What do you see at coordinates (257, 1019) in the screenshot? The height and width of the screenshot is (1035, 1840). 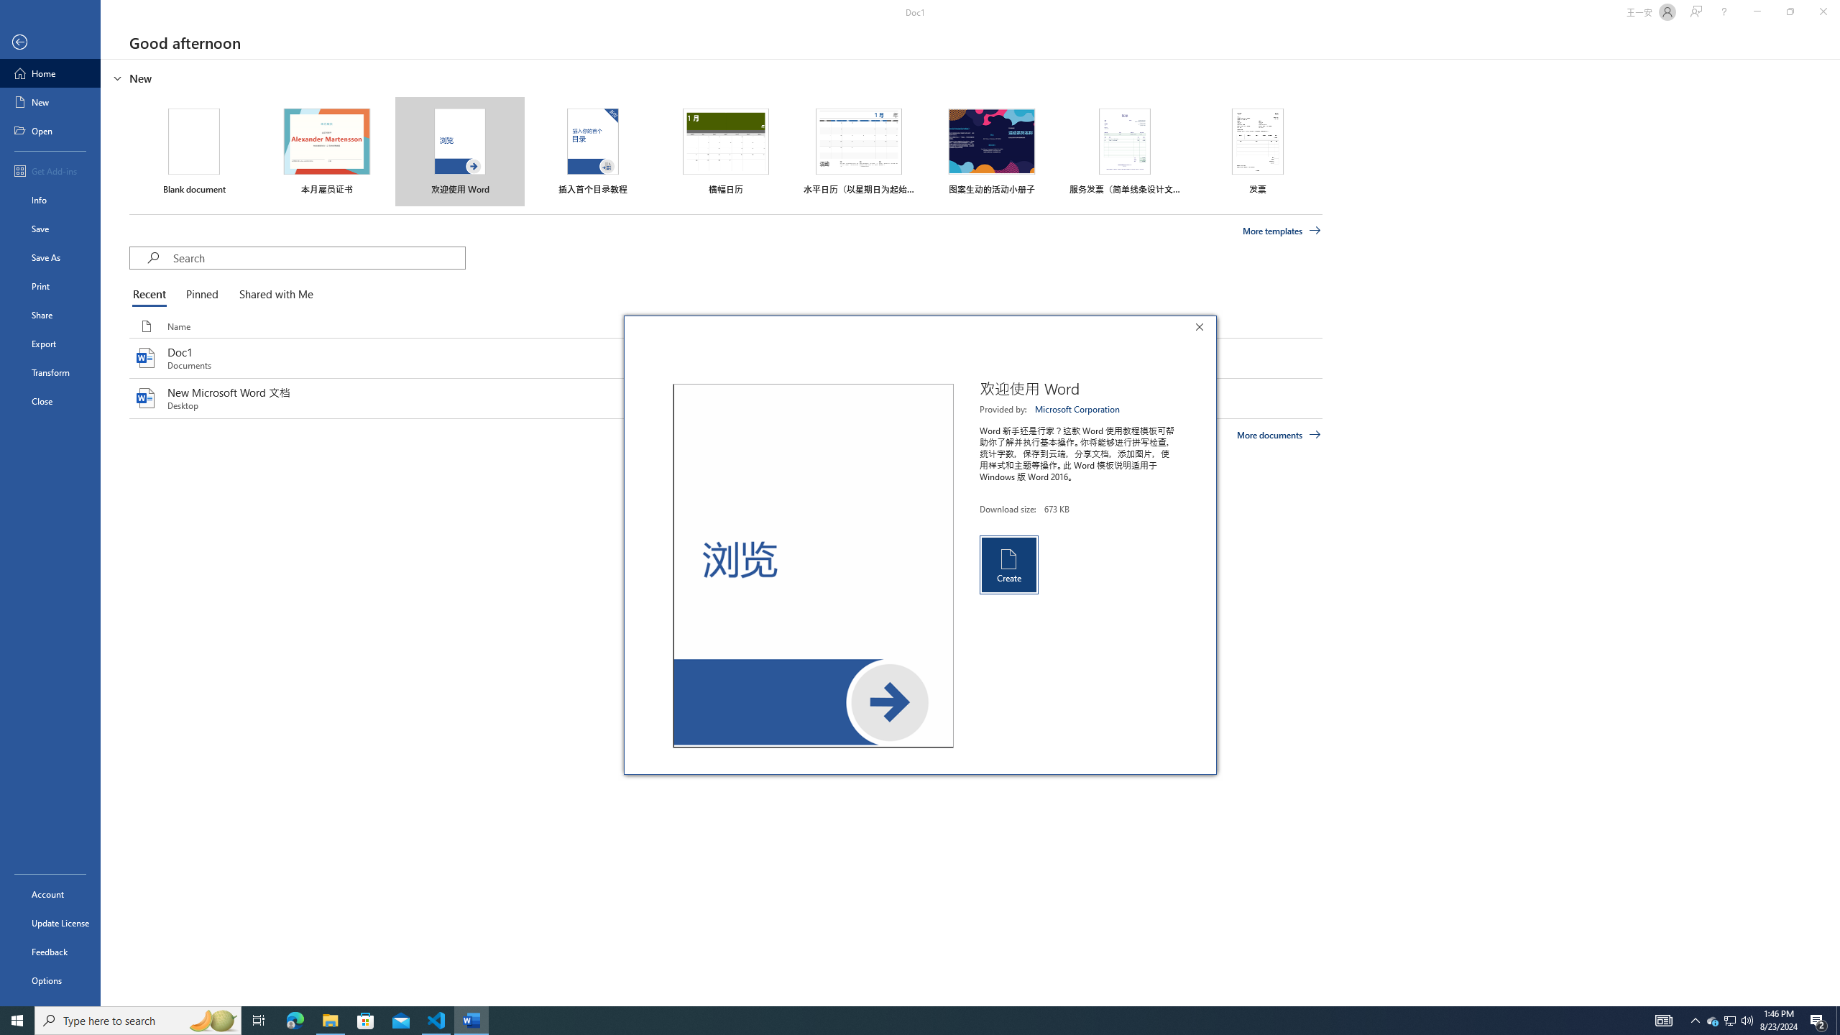 I see `'Task View'` at bounding box center [257, 1019].